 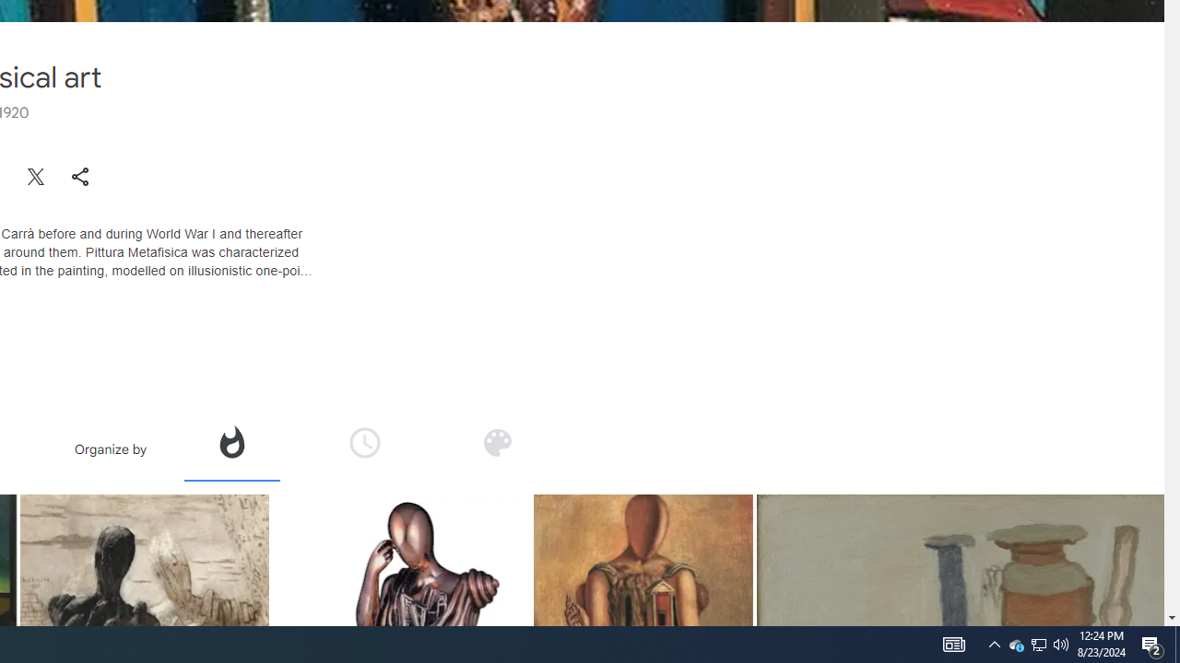 What do you see at coordinates (79, 176) in the screenshot?
I see `'Share "Metaphysical art"'` at bounding box center [79, 176].